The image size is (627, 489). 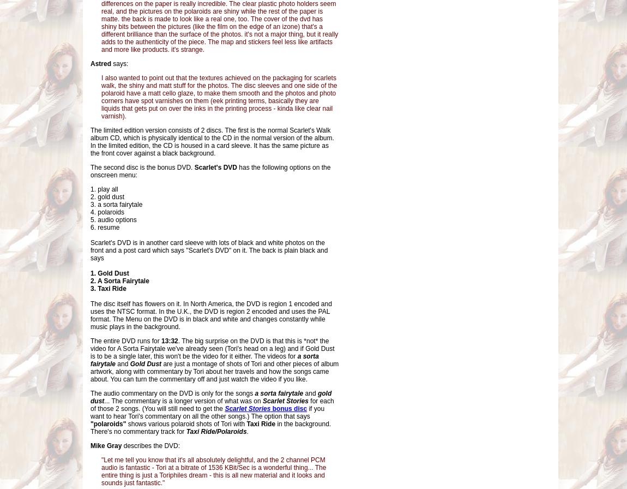 I want to click on 'The disc itself has flowers on it.  In North America, the DVD is region 1  encoded and uses the NTSC format.  In the U.K., the DVD is region 2 encoded and uses the PAL format.  The Menu on the DVD is in black and white and changes constantly while music plays in the background.', so click(x=210, y=315).